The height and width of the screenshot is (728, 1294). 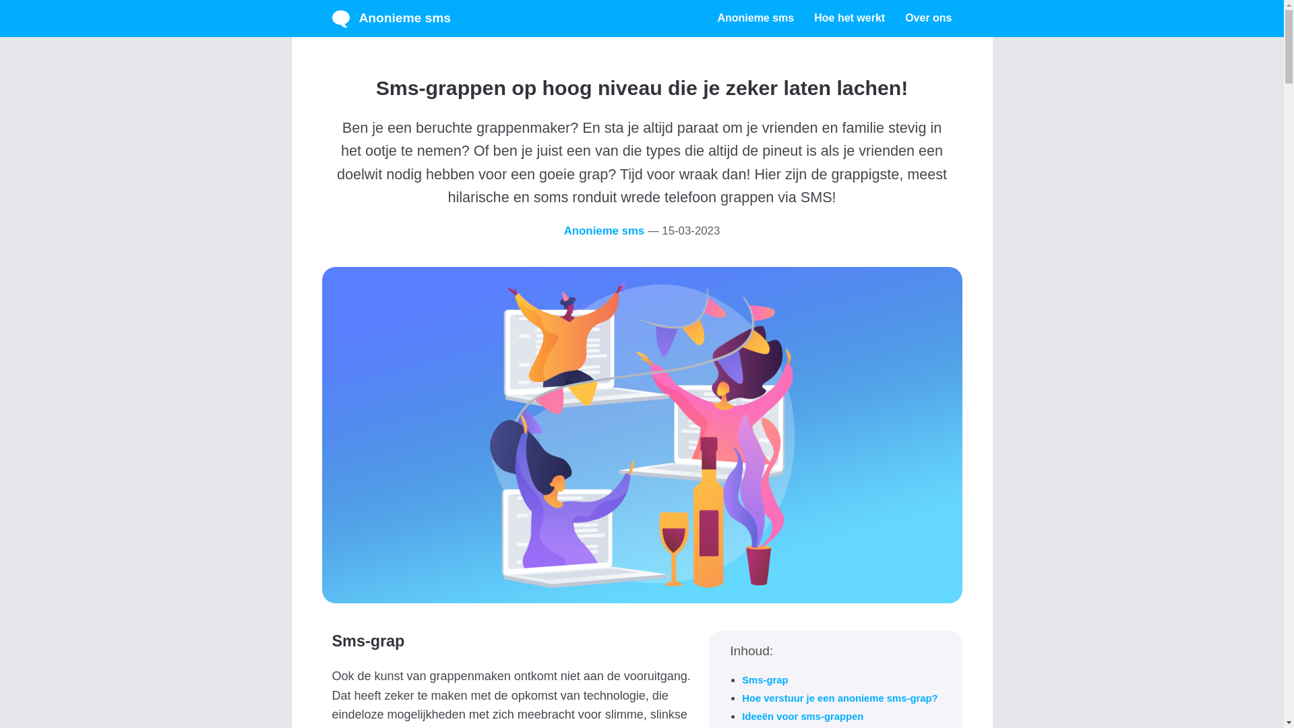 I want to click on 'Hoe verstuur je een anonieme sms-grap?', so click(x=839, y=698).